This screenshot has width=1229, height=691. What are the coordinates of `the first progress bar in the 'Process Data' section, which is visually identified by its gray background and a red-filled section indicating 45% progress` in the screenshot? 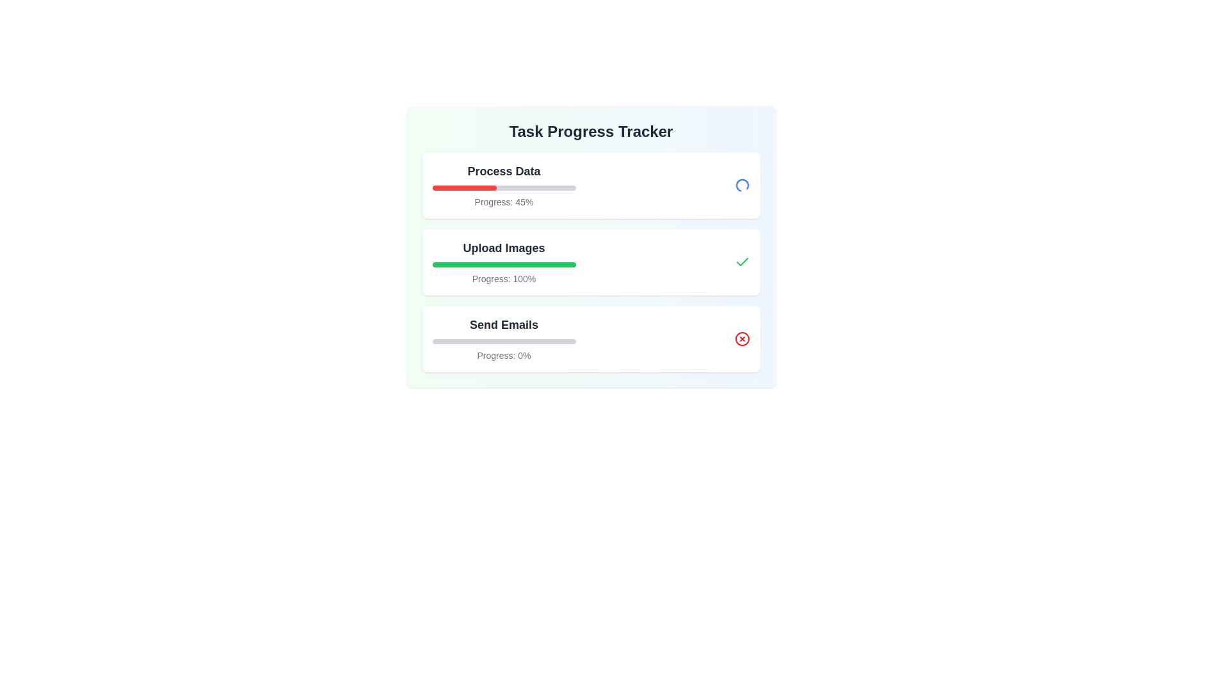 It's located at (503, 187).